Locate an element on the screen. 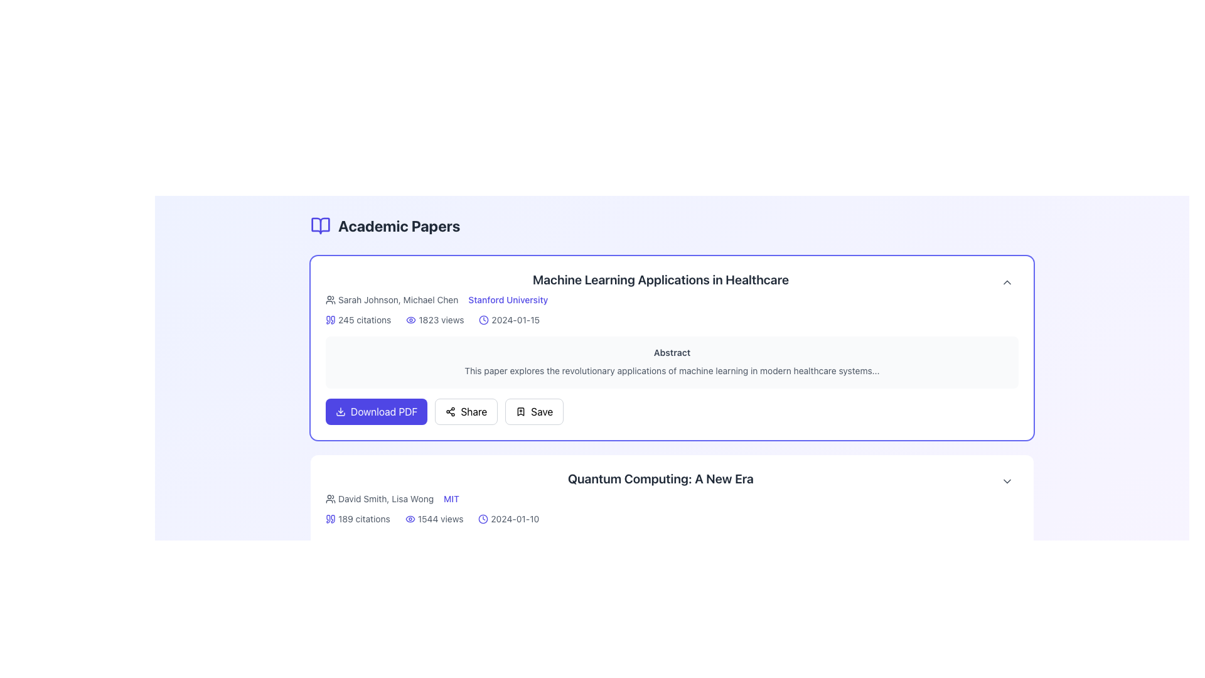 The image size is (1205, 678). the share icon, which is a minimalist triangular structure with three circular nodes, located within the 'Share' button at the bottom of the card titled 'Machine Learning Applications in Healthcare' is located at coordinates (451, 411).